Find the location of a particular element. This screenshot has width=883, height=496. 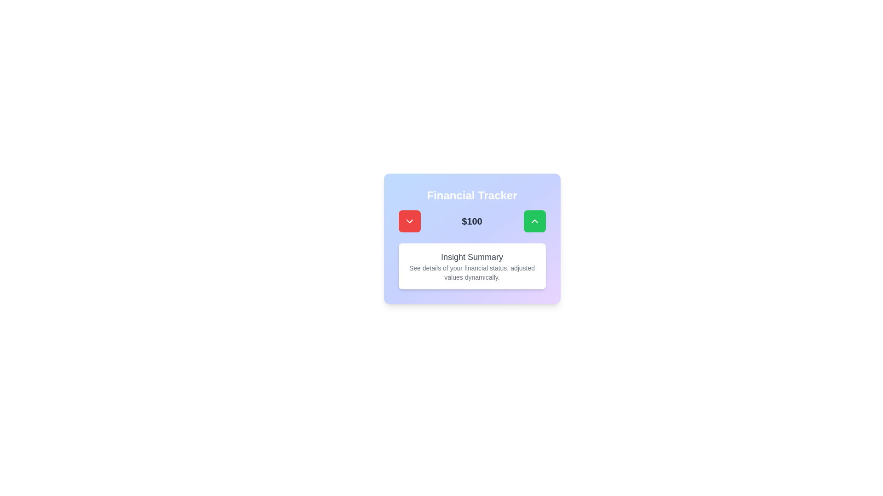

the red button with a white downward chevron icon located to the left of the '$100' text for visual feedback is located at coordinates (409, 221).